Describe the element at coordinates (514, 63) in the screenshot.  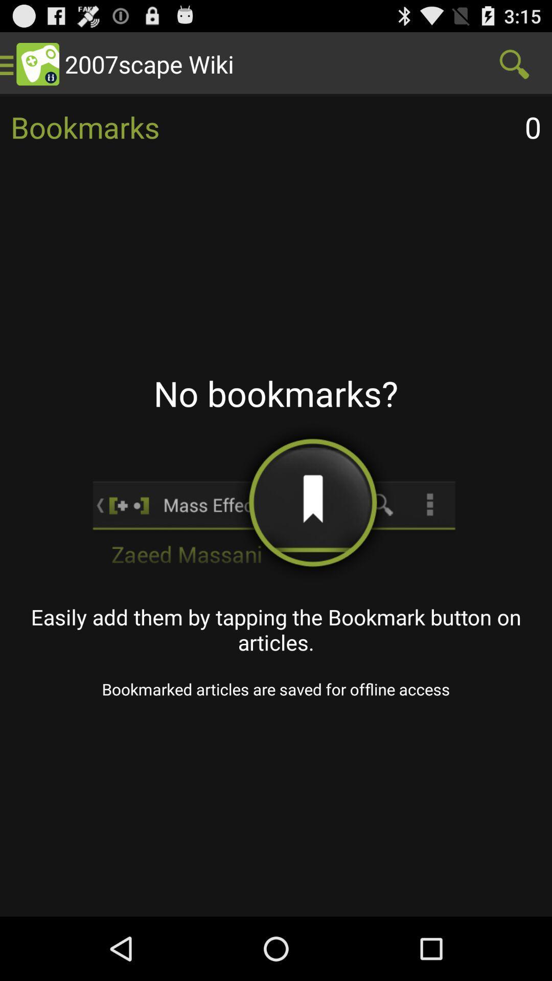
I see `app above the 0 app` at that location.